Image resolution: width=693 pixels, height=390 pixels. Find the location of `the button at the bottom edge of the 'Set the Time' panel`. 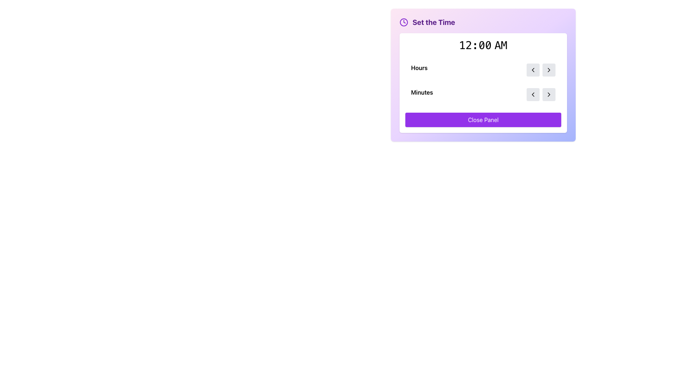

the button at the bottom edge of the 'Set the Time' panel is located at coordinates (483, 119).